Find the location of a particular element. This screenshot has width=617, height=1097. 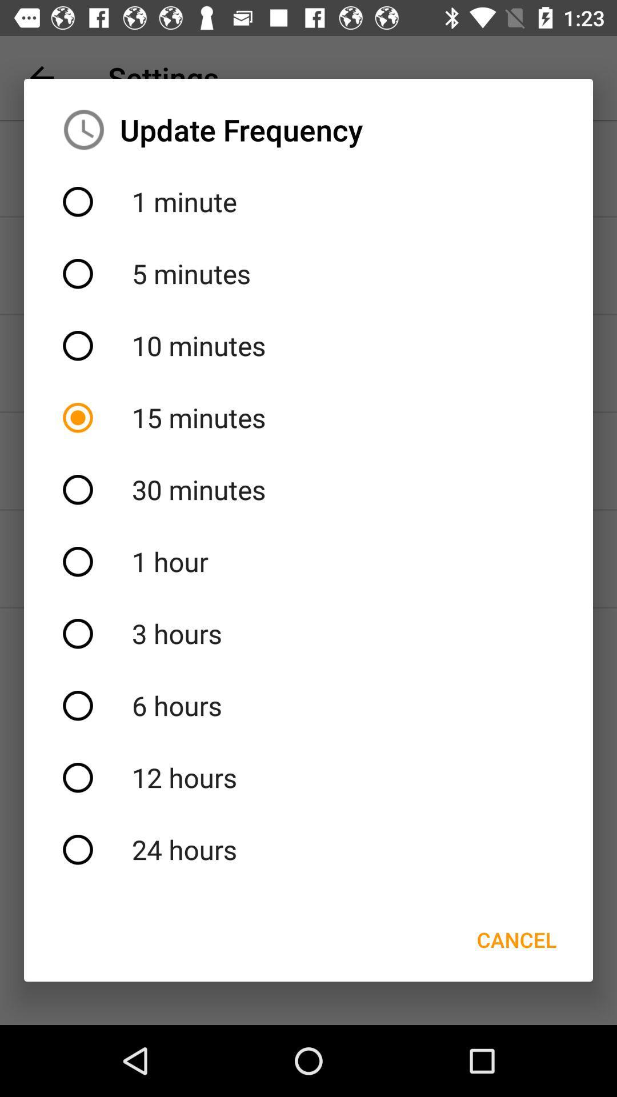

the 10 minutes is located at coordinates (308, 345).